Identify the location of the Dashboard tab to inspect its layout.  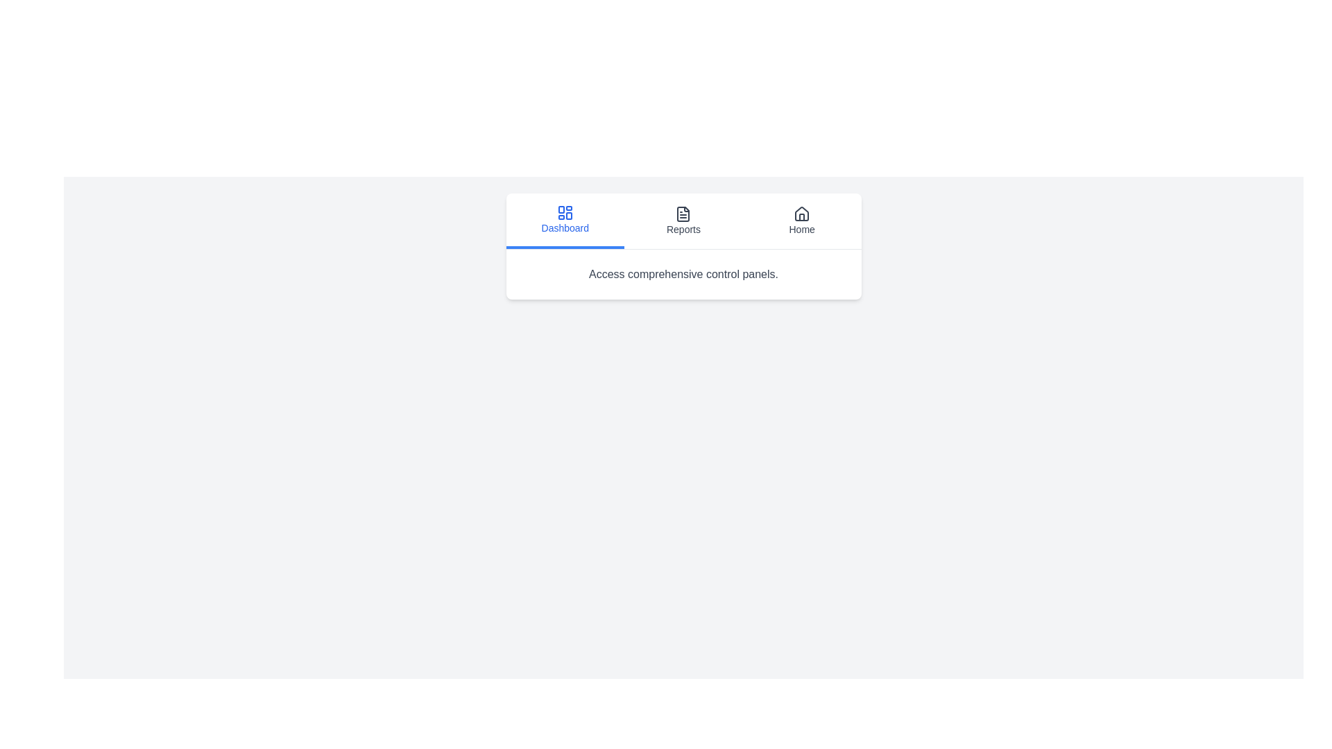
(565, 221).